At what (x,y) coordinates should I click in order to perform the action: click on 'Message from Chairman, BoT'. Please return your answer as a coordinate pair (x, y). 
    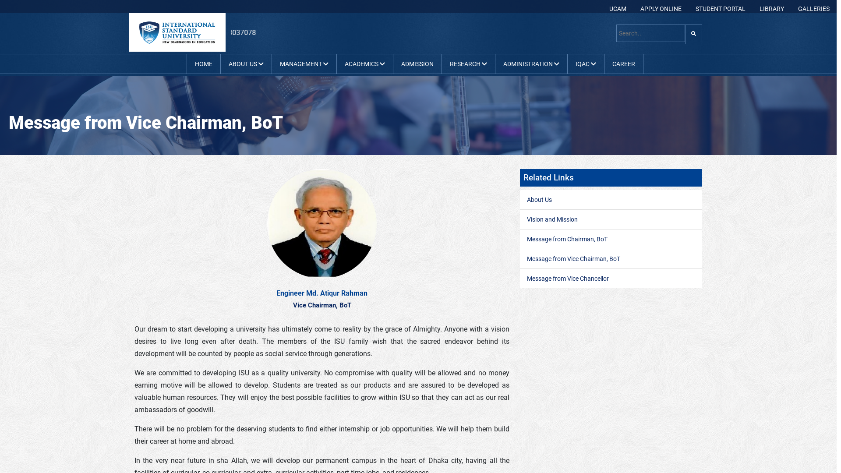
    Looking at the image, I should click on (567, 239).